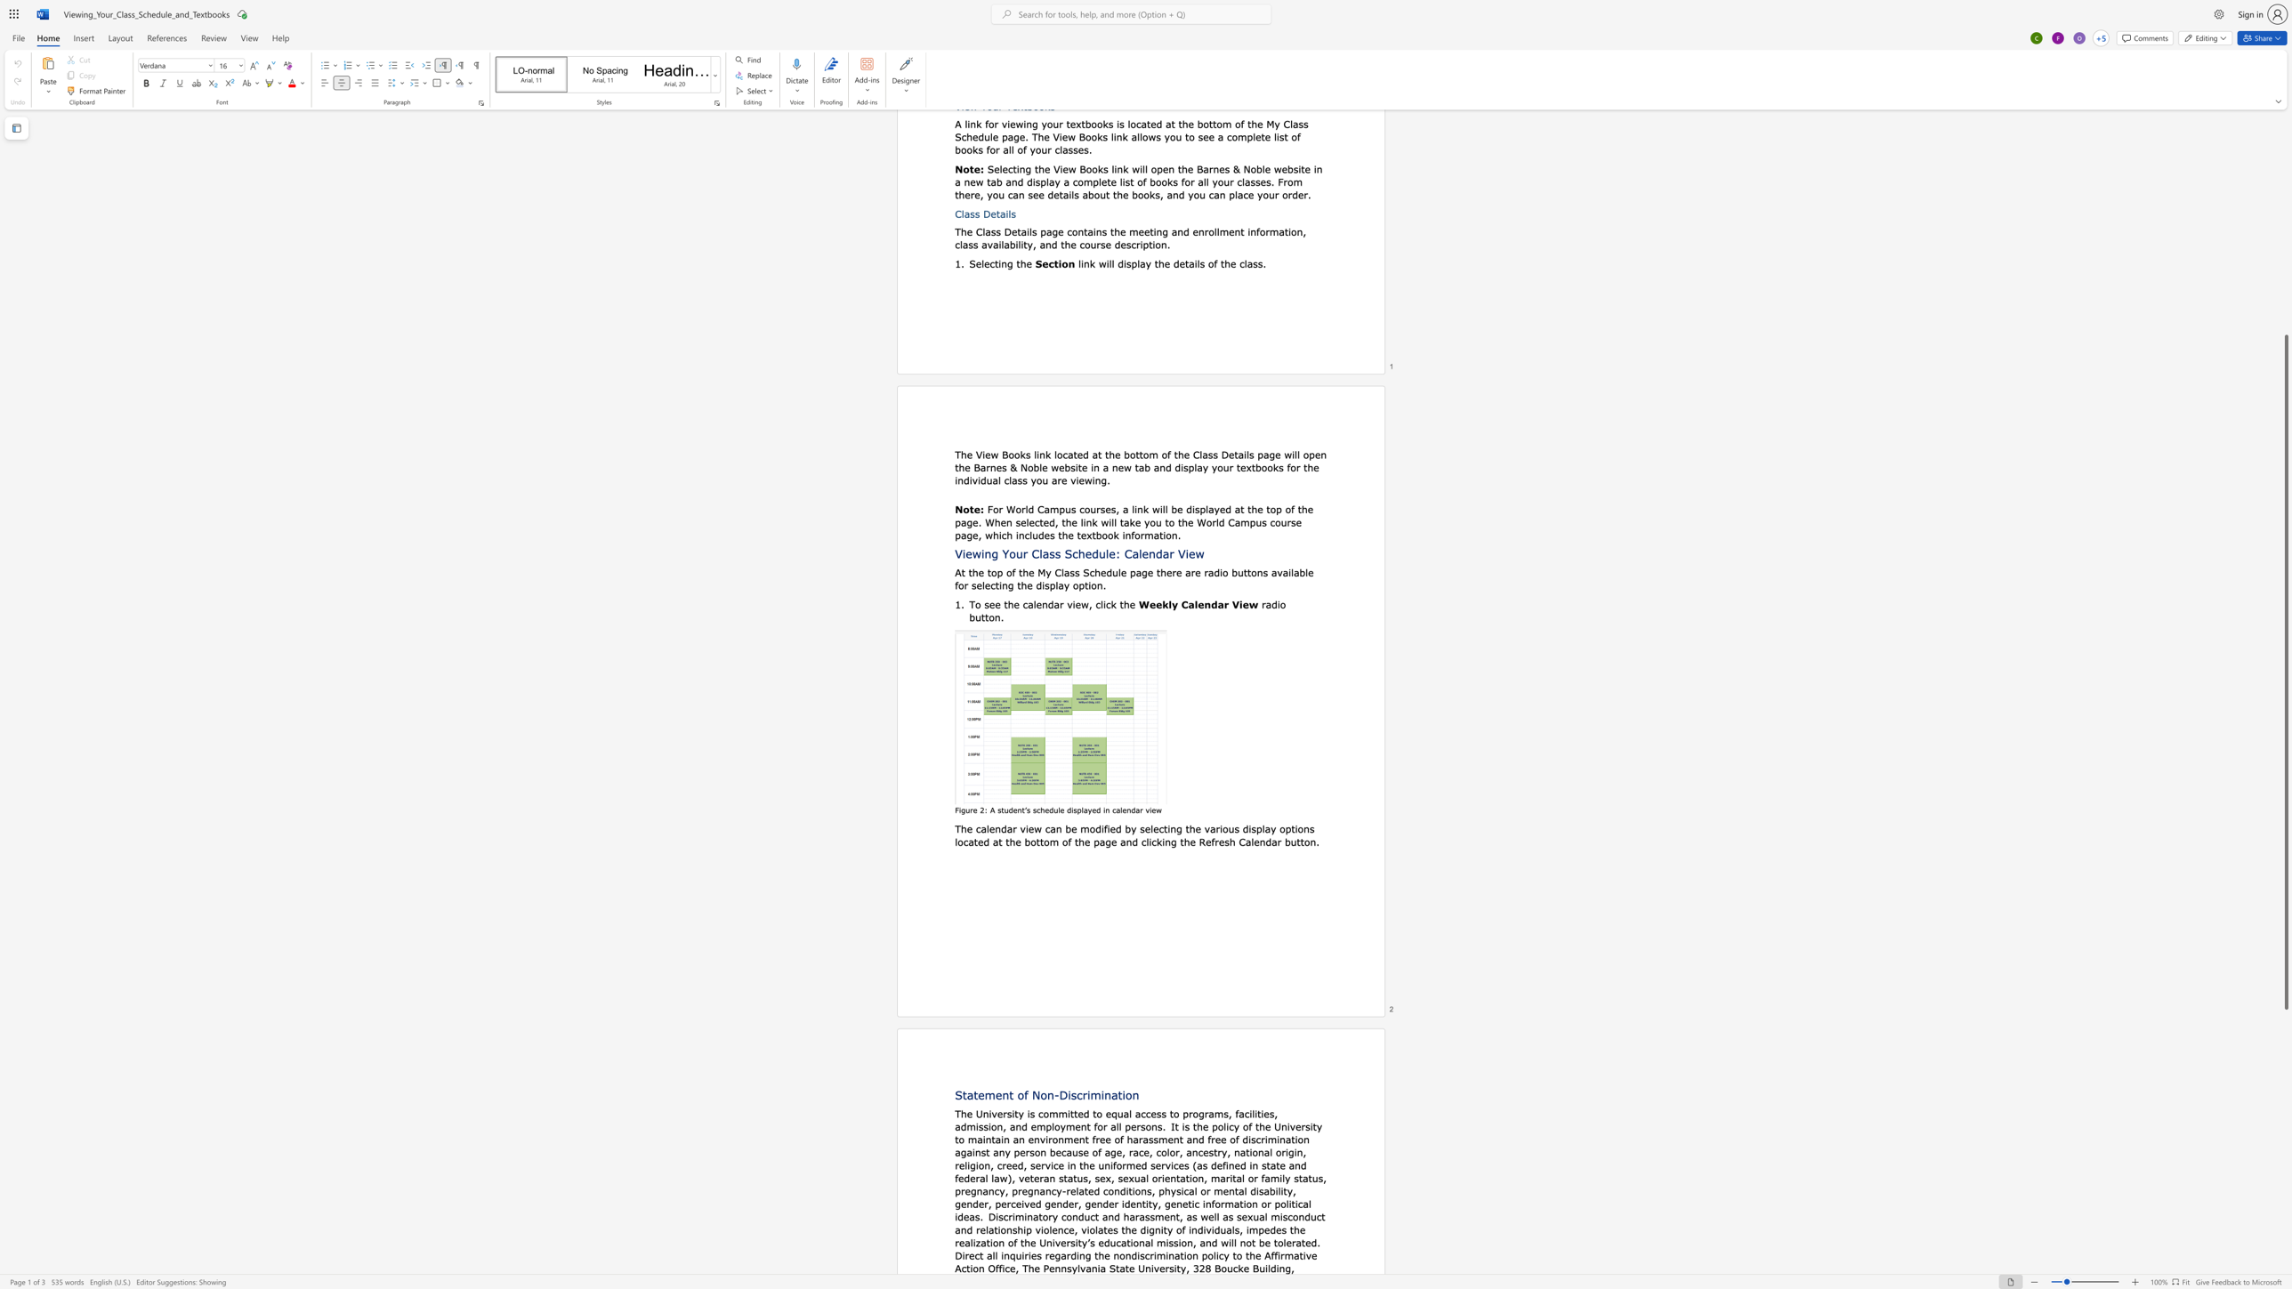  Describe the element at coordinates (2285, 268) in the screenshot. I see `the page's right scrollbar for upward movement` at that location.